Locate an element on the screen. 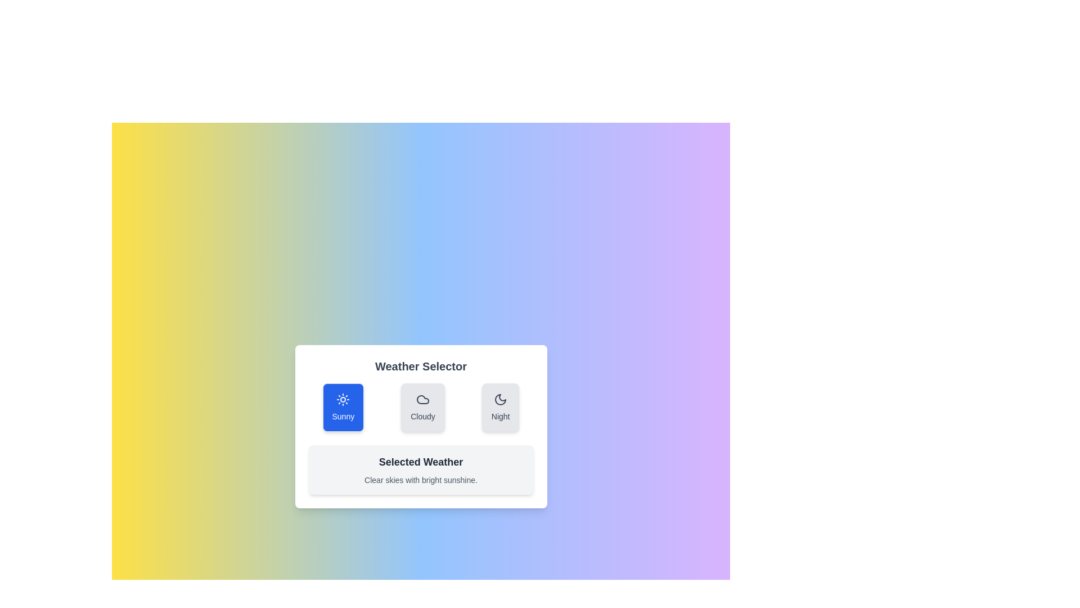  the circular graphic icon resembling a sun, which is prominently positioned at the top of the card labeled 'Sunny' is located at coordinates (343, 399).